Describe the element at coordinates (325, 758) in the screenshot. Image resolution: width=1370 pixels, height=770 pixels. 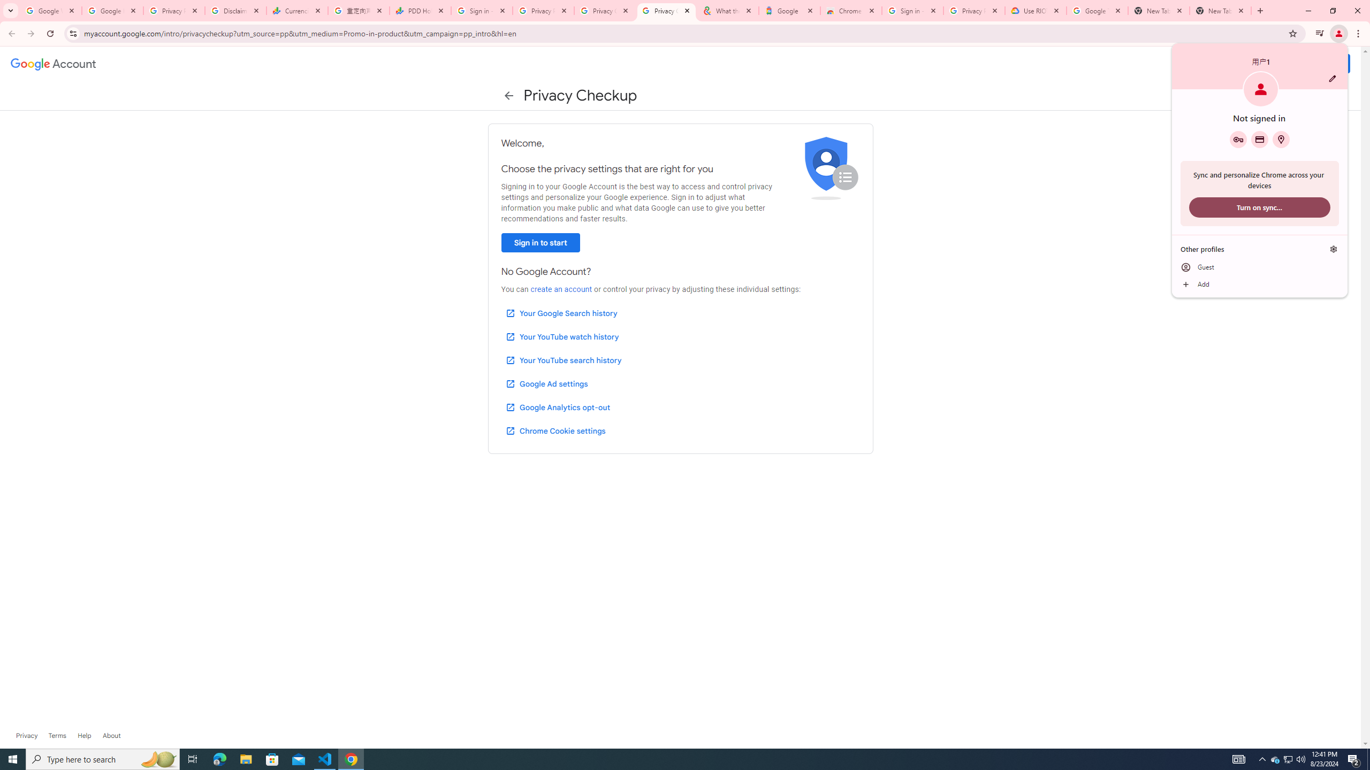
I see `'Visual Studio Code - 1 running window'` at that location.